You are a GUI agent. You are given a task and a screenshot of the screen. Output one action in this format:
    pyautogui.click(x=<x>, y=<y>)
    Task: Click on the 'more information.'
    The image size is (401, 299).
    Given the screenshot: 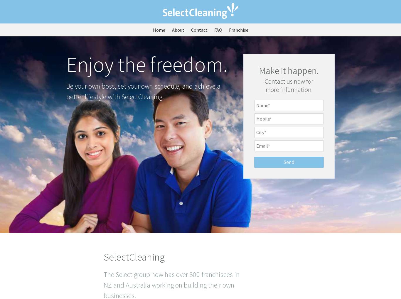 What is the action you would take?
    pyautogui.click(x=289, y=89)
    